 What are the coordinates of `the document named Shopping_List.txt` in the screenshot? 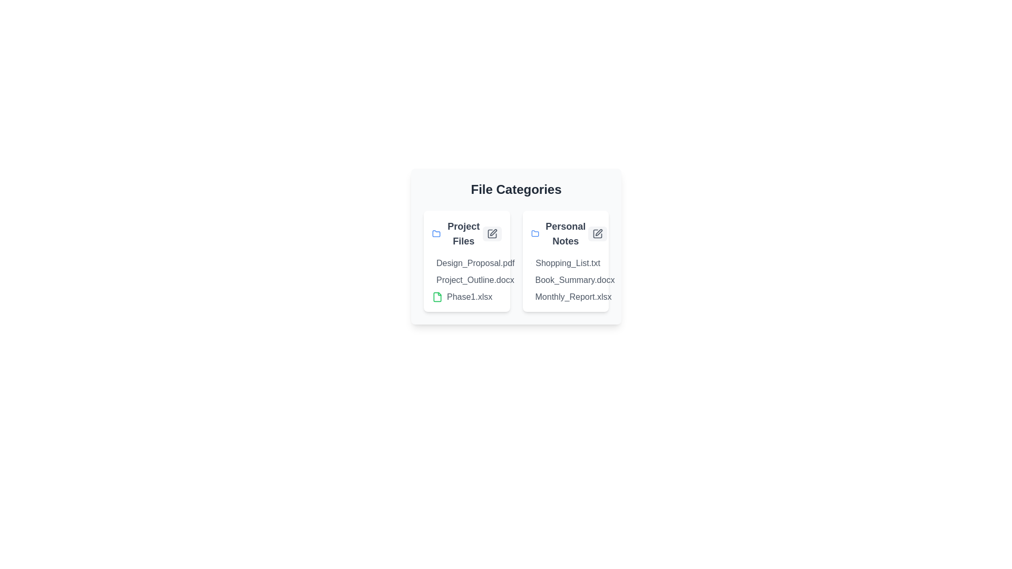 It's located at (553, 263).